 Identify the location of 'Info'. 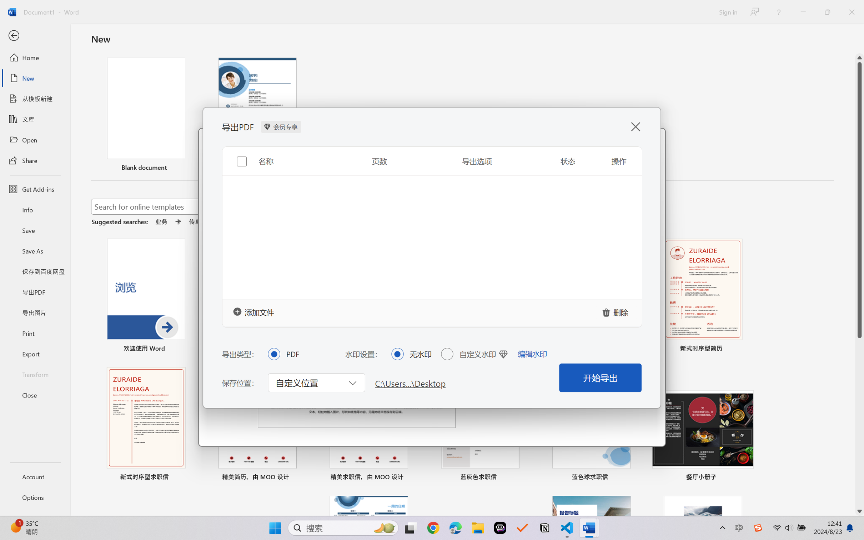
(35, 209).